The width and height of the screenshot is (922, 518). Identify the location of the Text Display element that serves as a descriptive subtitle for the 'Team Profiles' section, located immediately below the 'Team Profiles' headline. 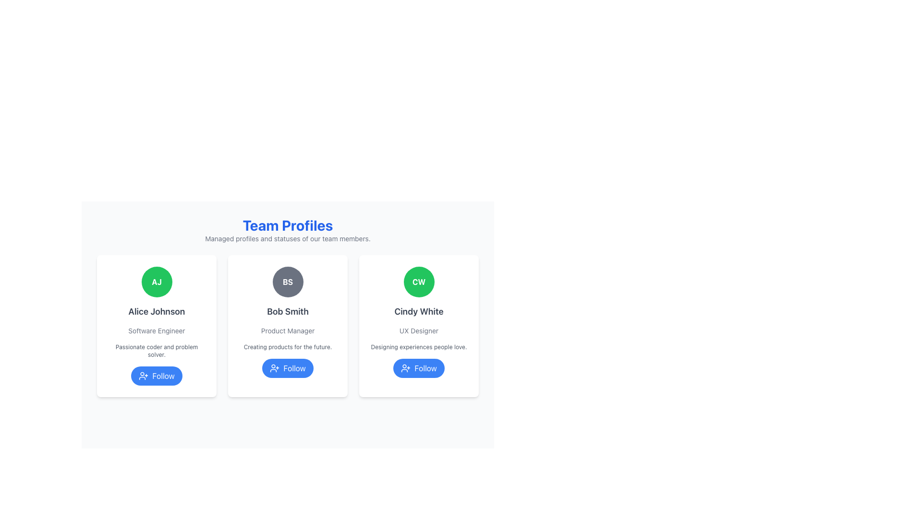
(287, 238).